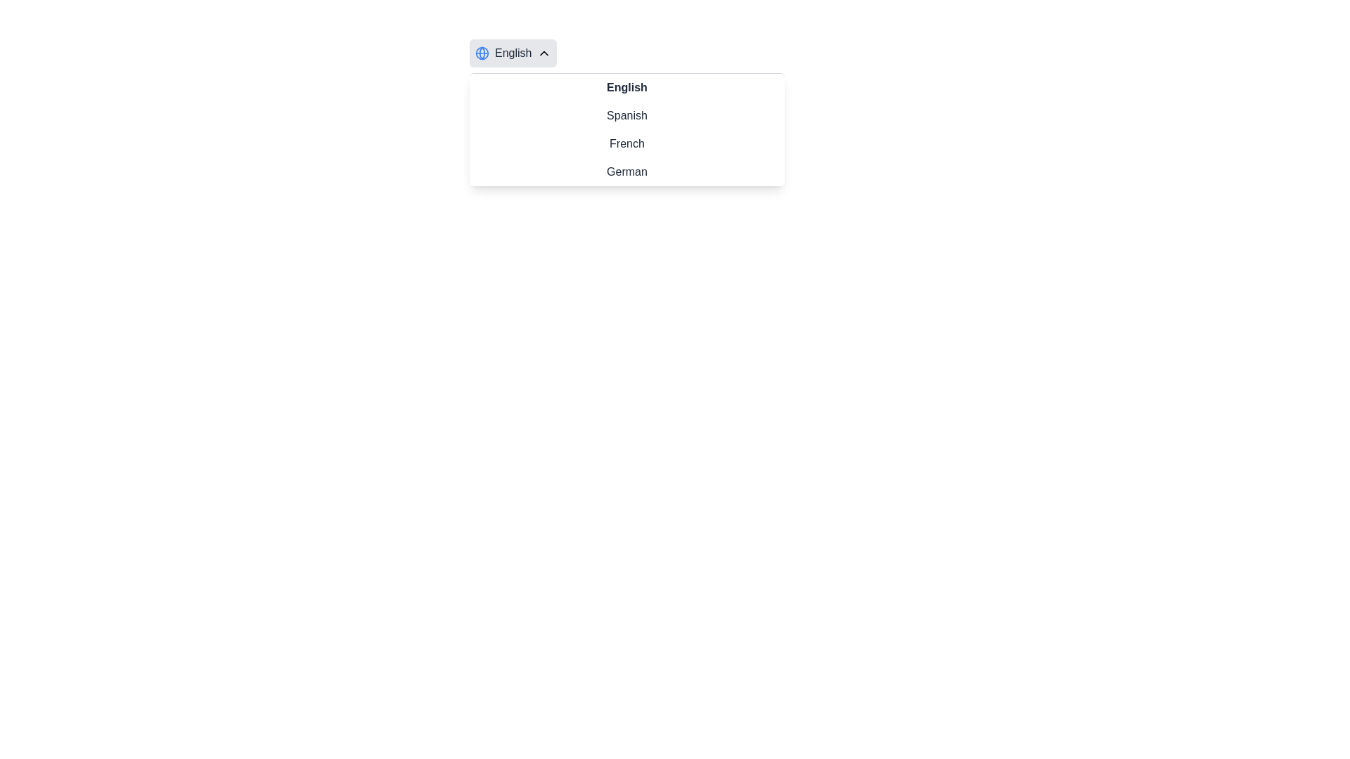 The width and height of the screenshot is (1350, 759). Describe the element at coordinates (626, 87) in the screenshot. I see `the first item in the drop-down list that displays the 'English' language option` at that location.